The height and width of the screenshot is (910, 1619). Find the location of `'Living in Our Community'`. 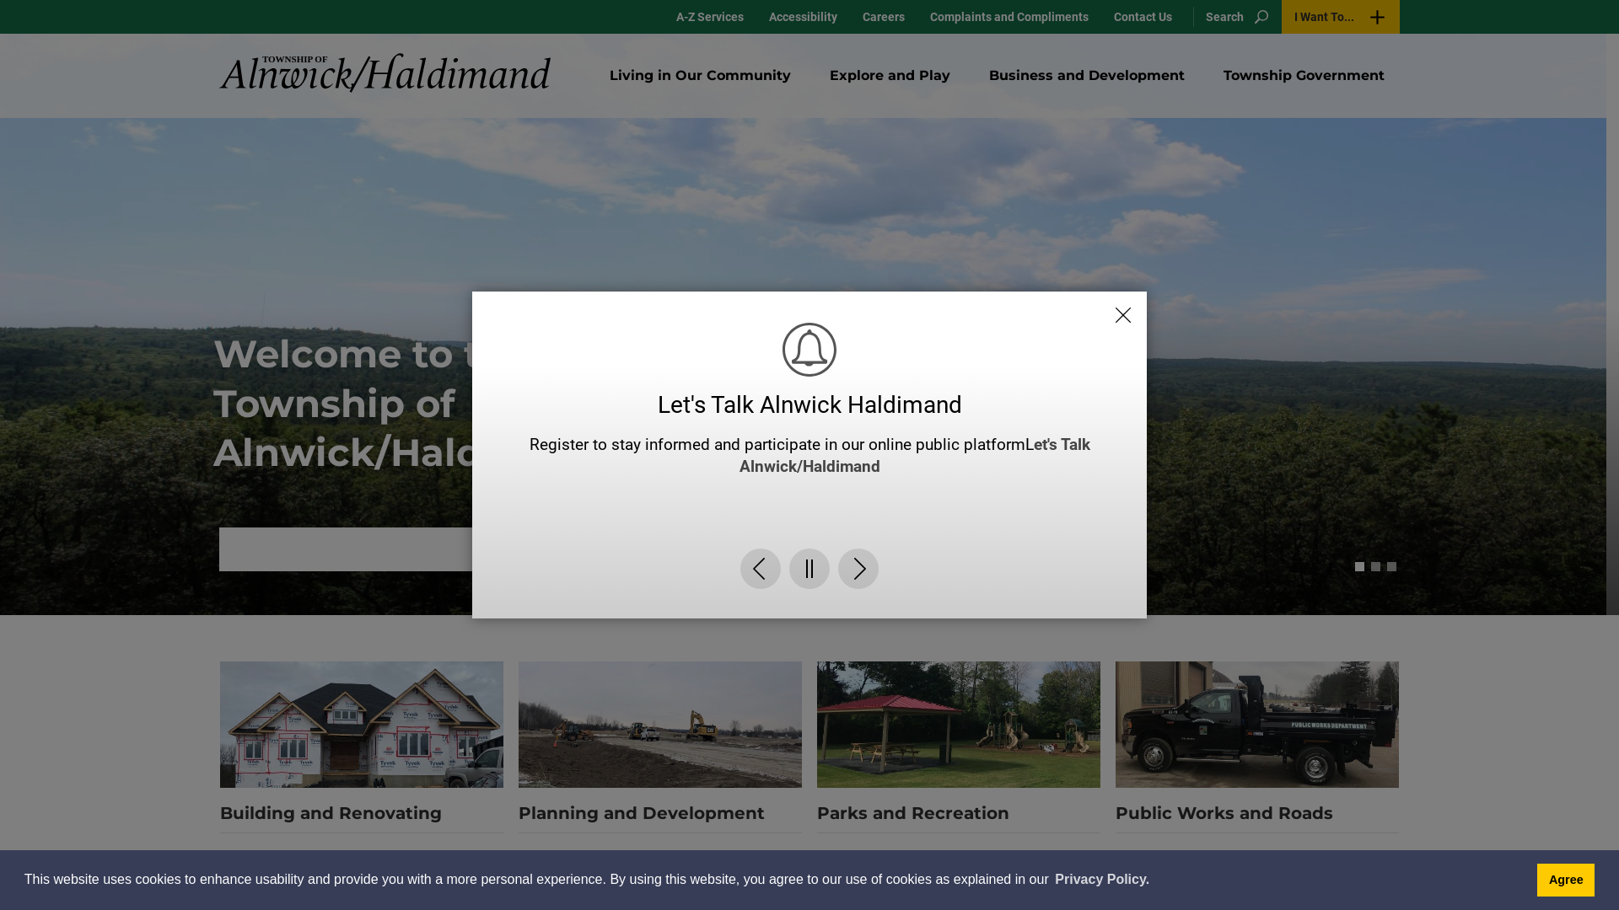

'Living in Our Community' is located at coordinates (700, 74).